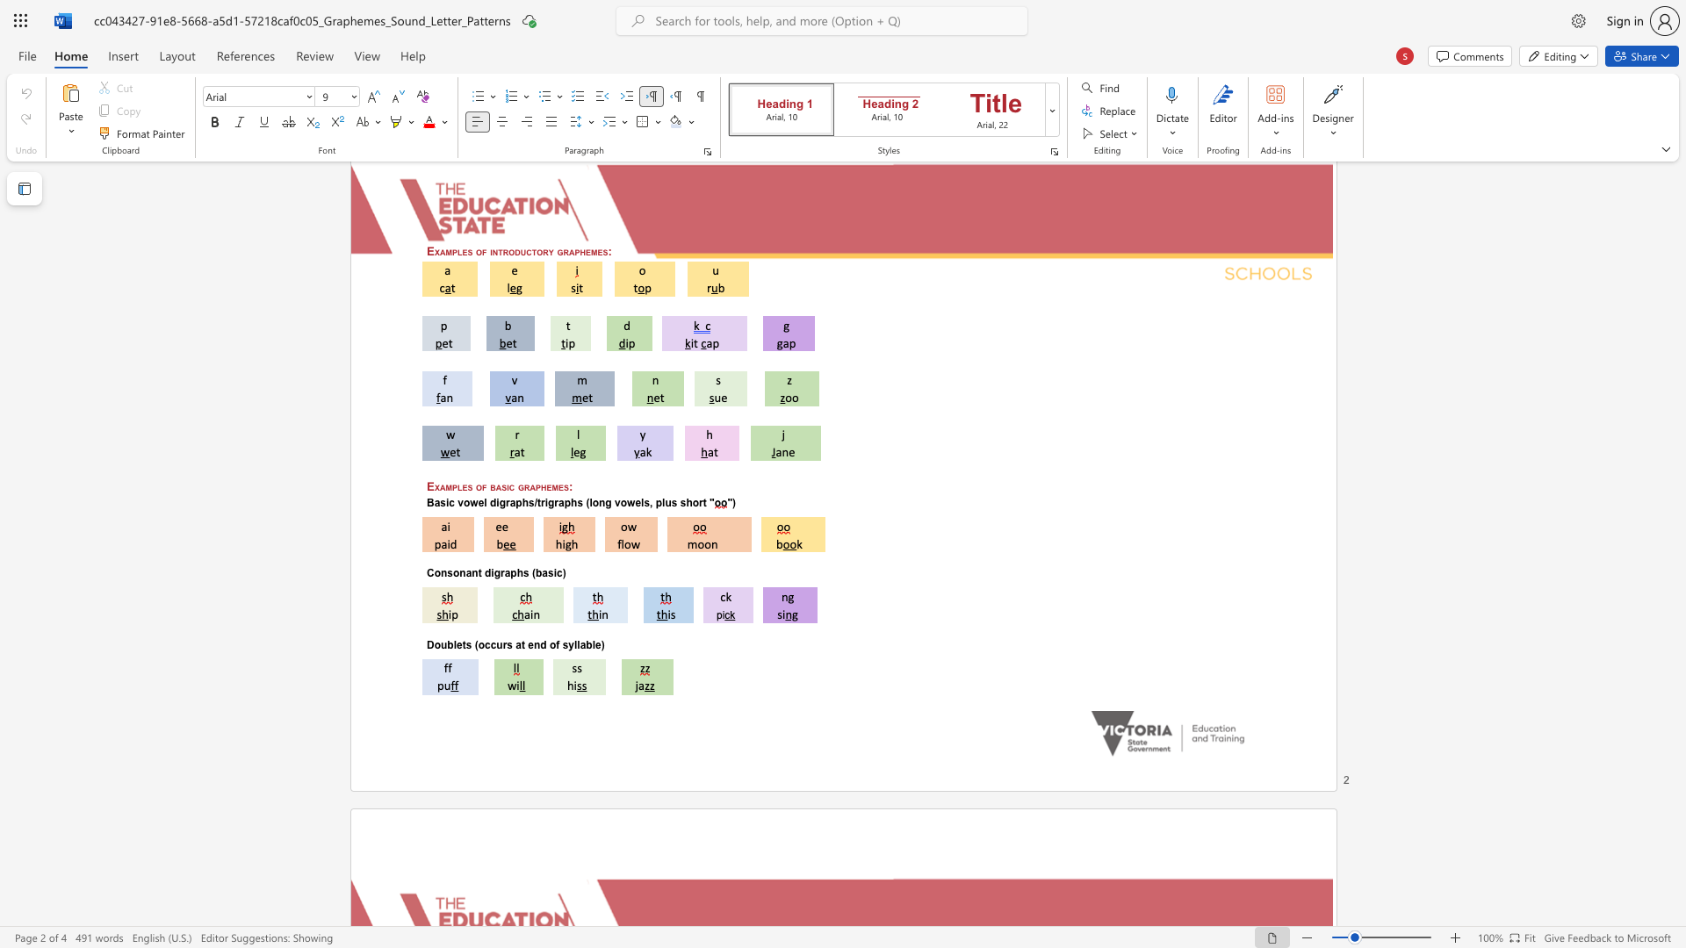  Describe the element at coordinates (586, 644) in the screenshot. I see `the subset text "bl" within the text "Doublets (occurs at end of syllable)"` at that location.